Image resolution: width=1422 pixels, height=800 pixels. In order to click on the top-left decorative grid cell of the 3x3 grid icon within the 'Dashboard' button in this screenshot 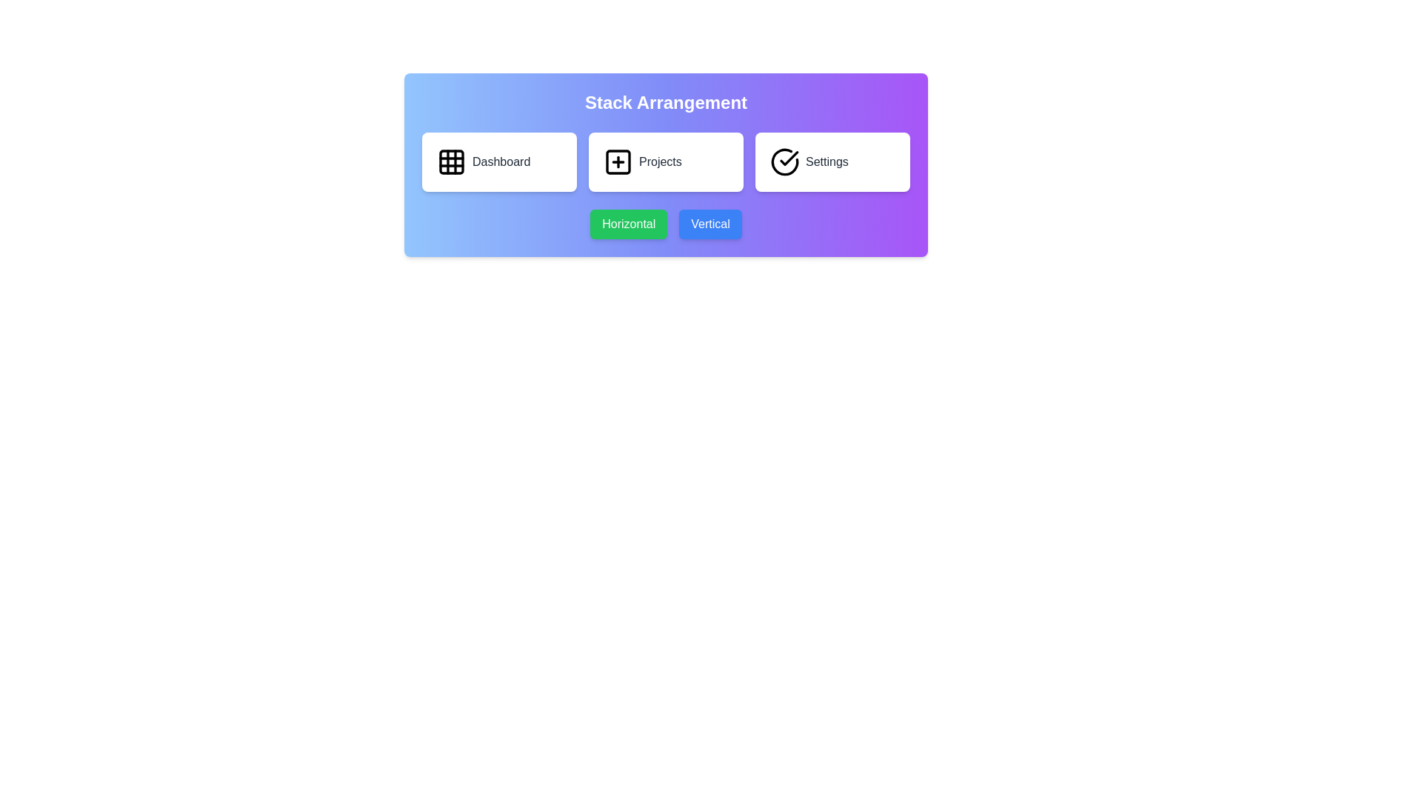, I will do `click(450, 162)`.